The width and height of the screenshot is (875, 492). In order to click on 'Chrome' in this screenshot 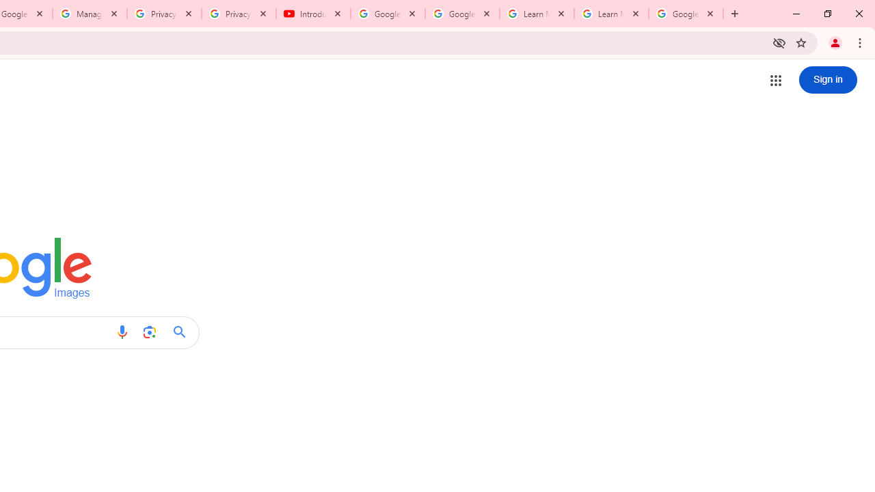, I will do `click(861, 42)`.